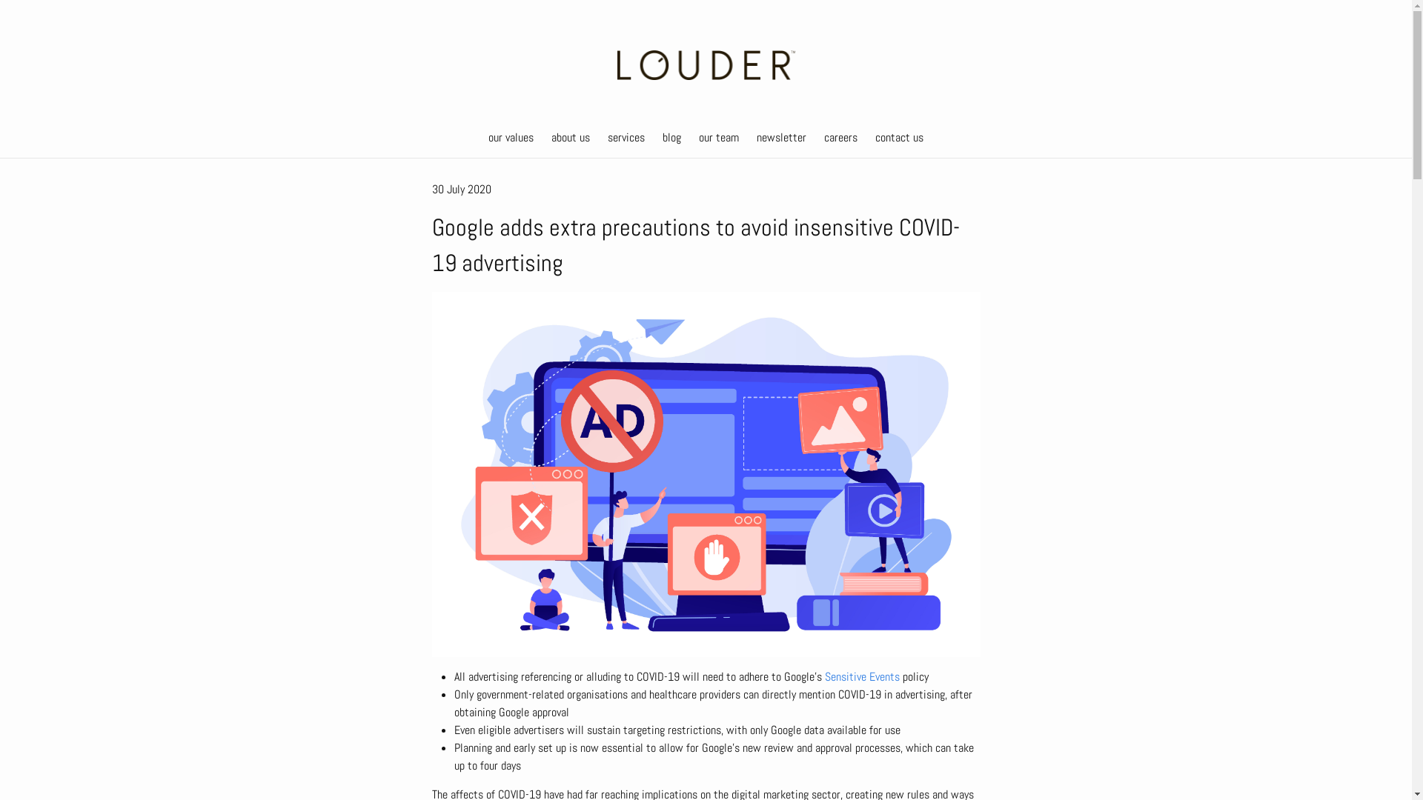 The height and width of the screenshot is (800, 1423). I want to click on 'services', so click(626, 137).